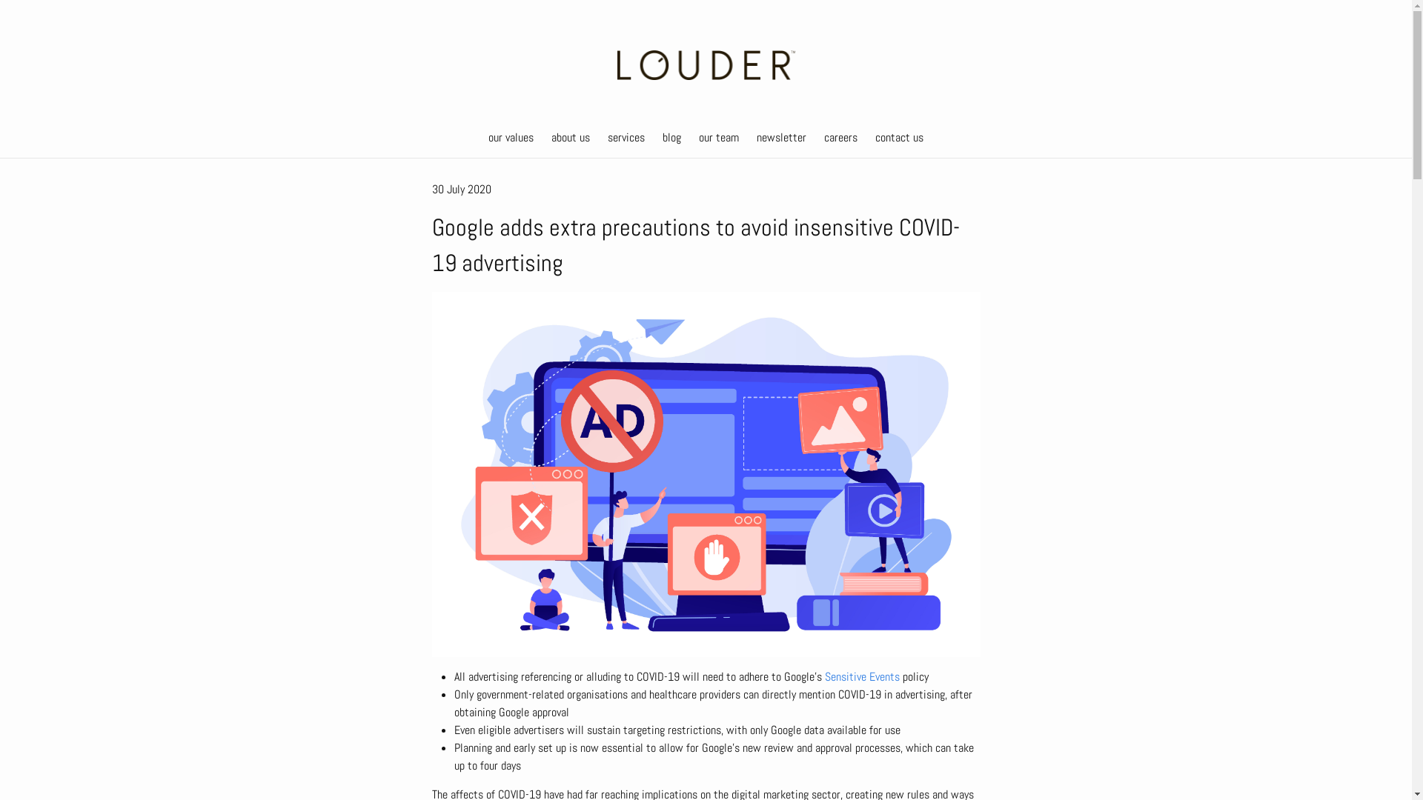 The height and width of the screenshot is (800, 1423). I want to click on 'services', so click(626, 137).